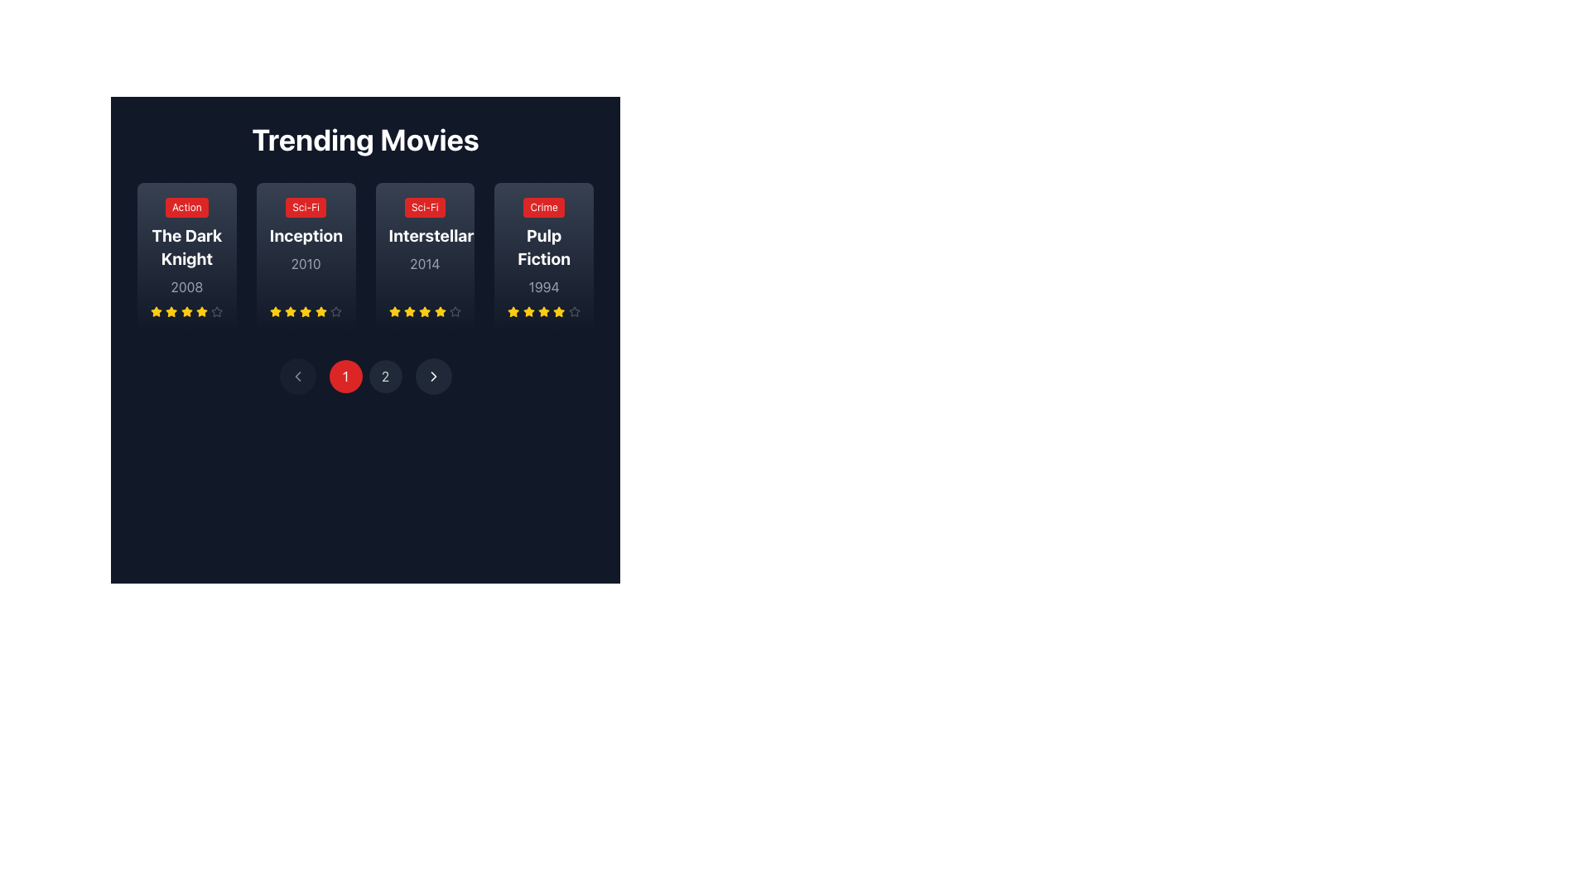 The width and height of the screenshot is (1590, 894). Describe the element at coordinates (186, 311) in the screenshot. I see `the first rating star in the trending movies list under 'The Dark Knight'` at that location.